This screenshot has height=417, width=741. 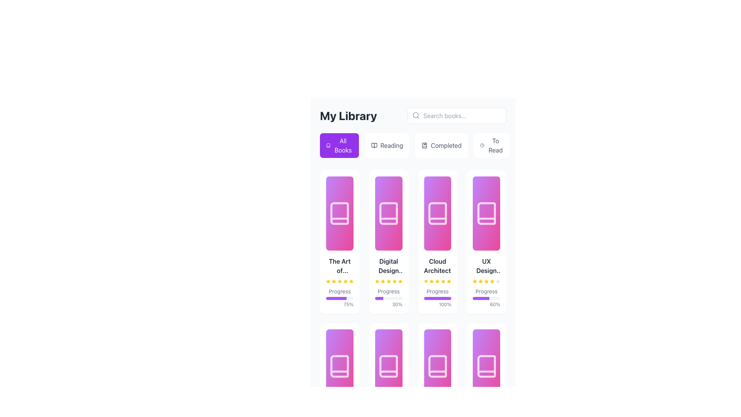 I want to click on the yellow-colored star icon representing the rating for the book entry titled 'The Art of', positioned just below the book cover thumbnail, so click(x=328, y=281).